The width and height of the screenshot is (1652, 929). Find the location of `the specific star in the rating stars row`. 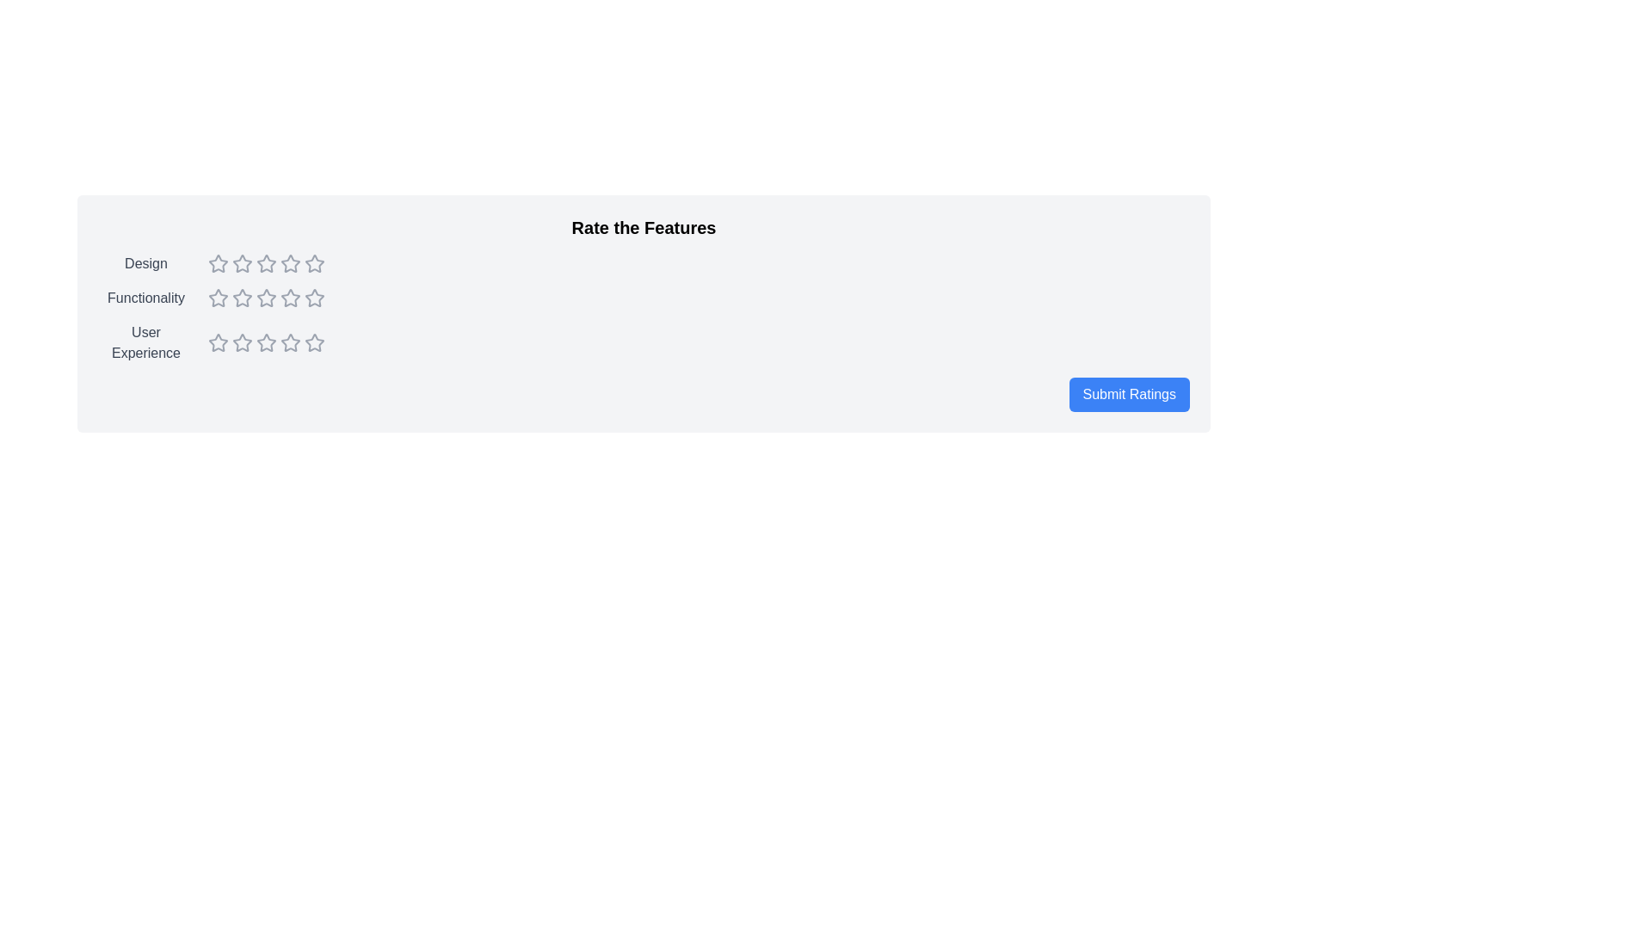

the specific star in the rating stars row is located at coordinates (266, 264).